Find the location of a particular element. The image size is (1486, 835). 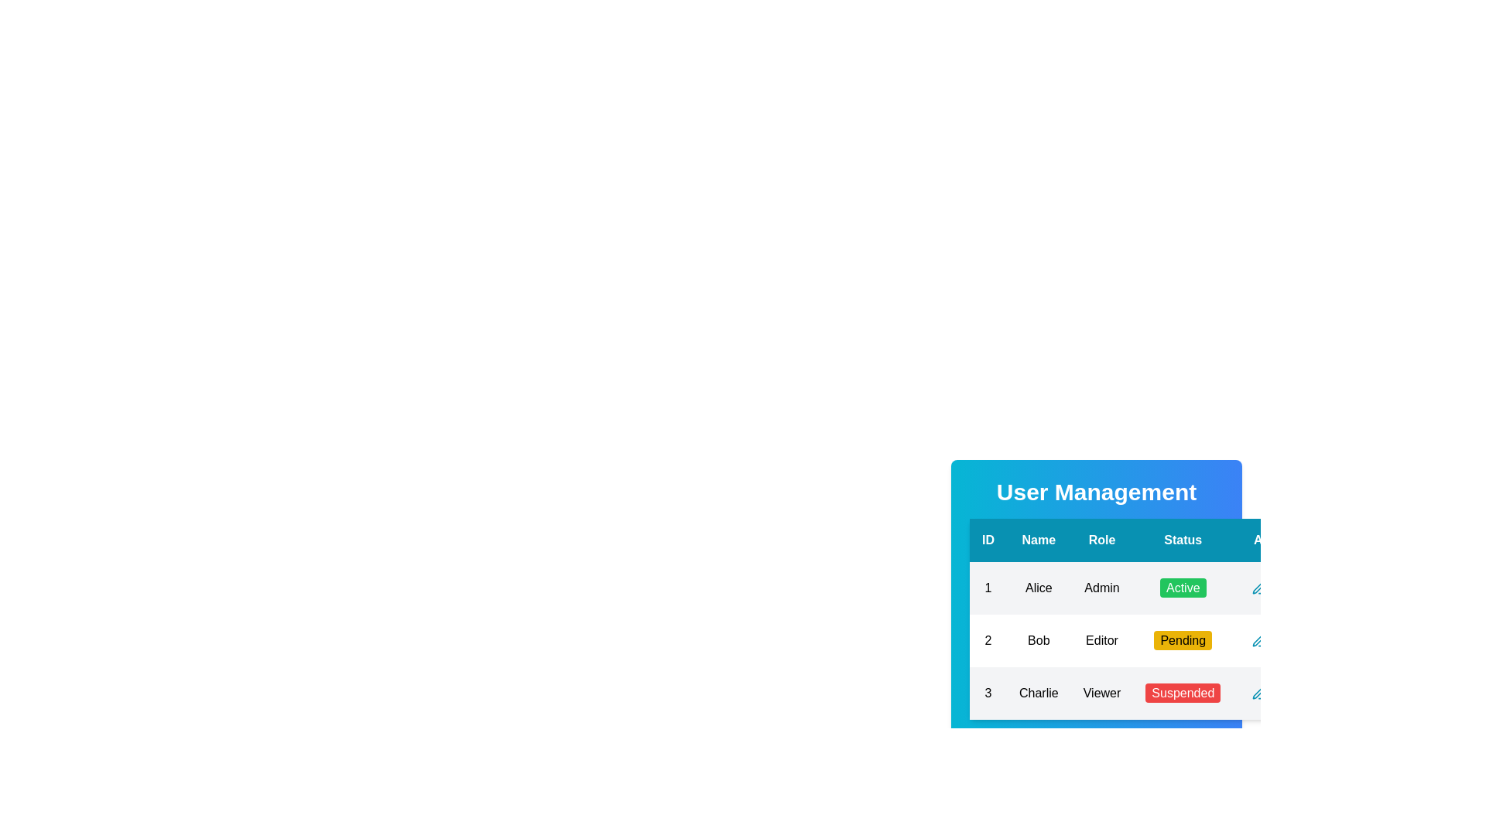

the edit icon button located on the right side of the second row in the table to initiate editing is located at coordinates (1259, 641).